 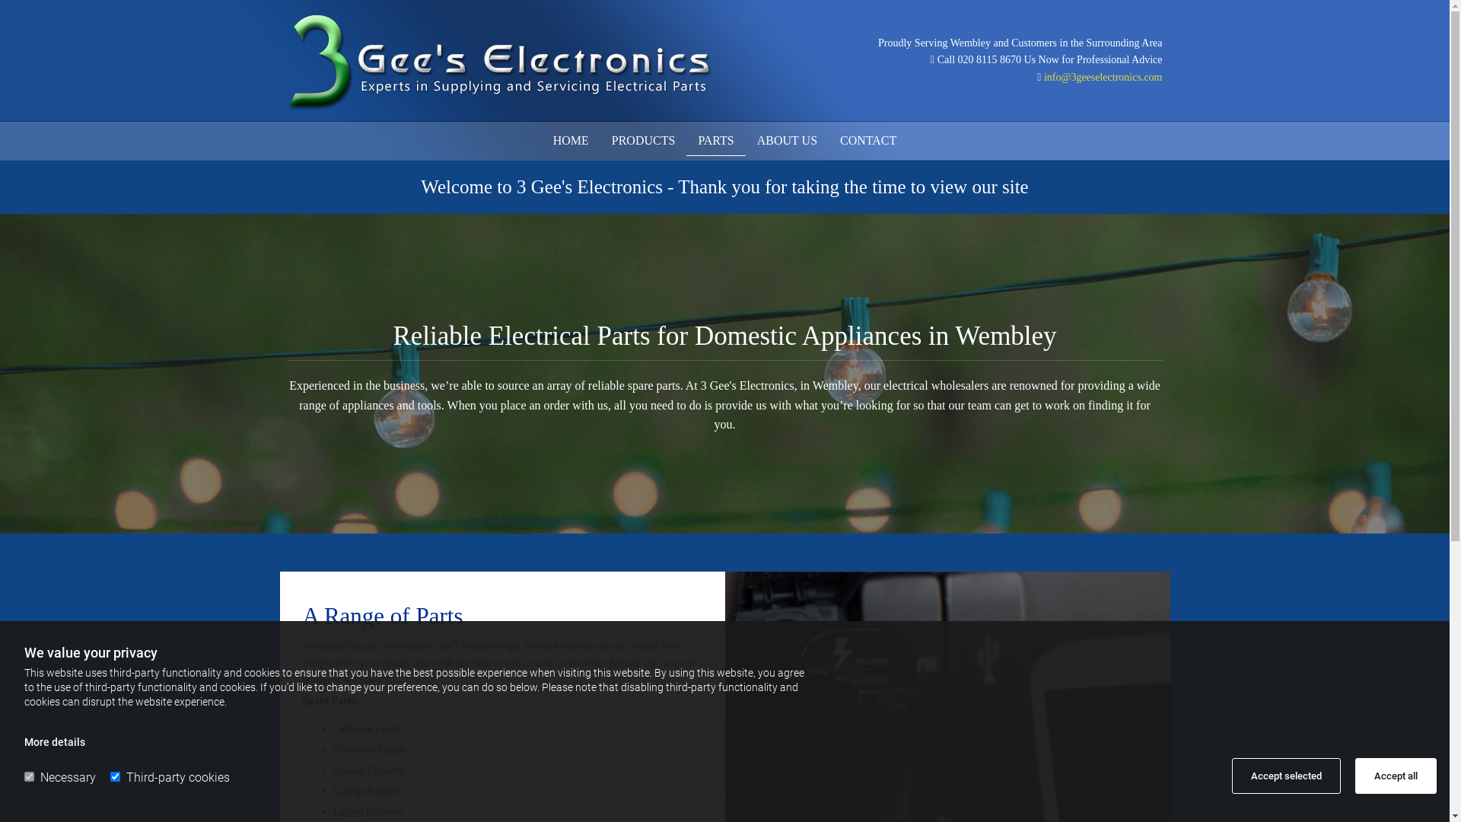 I want to click on 'CONTACT', so click(x=868, y=141).